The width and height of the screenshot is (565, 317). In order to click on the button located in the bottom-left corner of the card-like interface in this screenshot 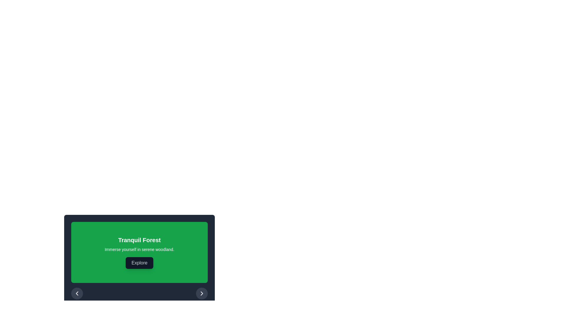, I will do `click(77, 293)`.